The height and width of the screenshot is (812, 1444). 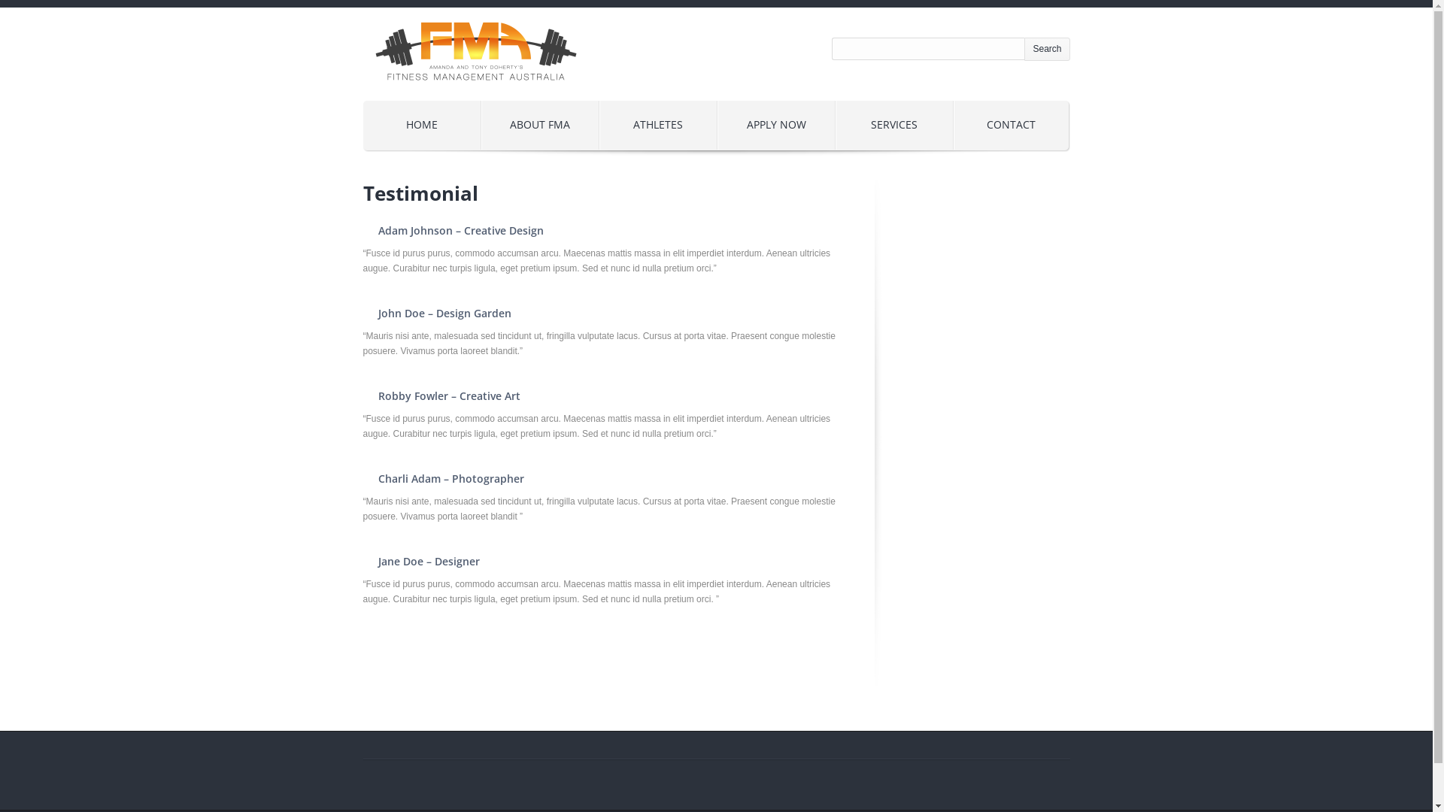 I want to click on 'HOME', so click(x=421, y=124).